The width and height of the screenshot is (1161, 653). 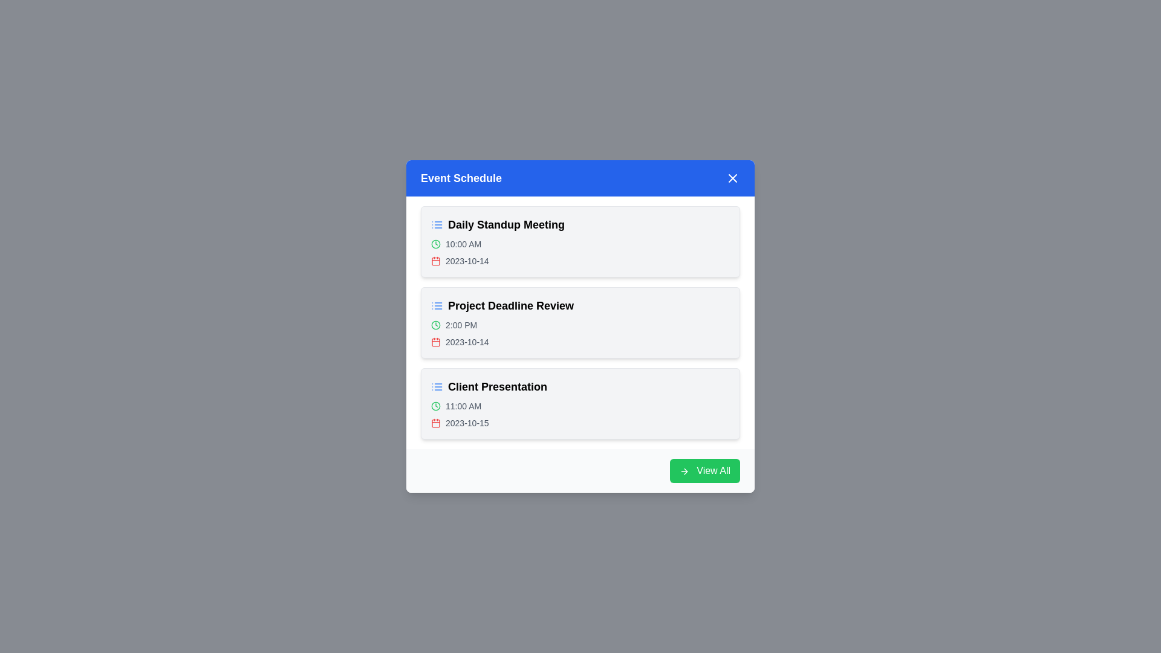 I want to click on the blue bulleted list icon located in the header of the 'Project Deadline Review' section, positioned to the left of the section's title text, so click(x=437, y=305).